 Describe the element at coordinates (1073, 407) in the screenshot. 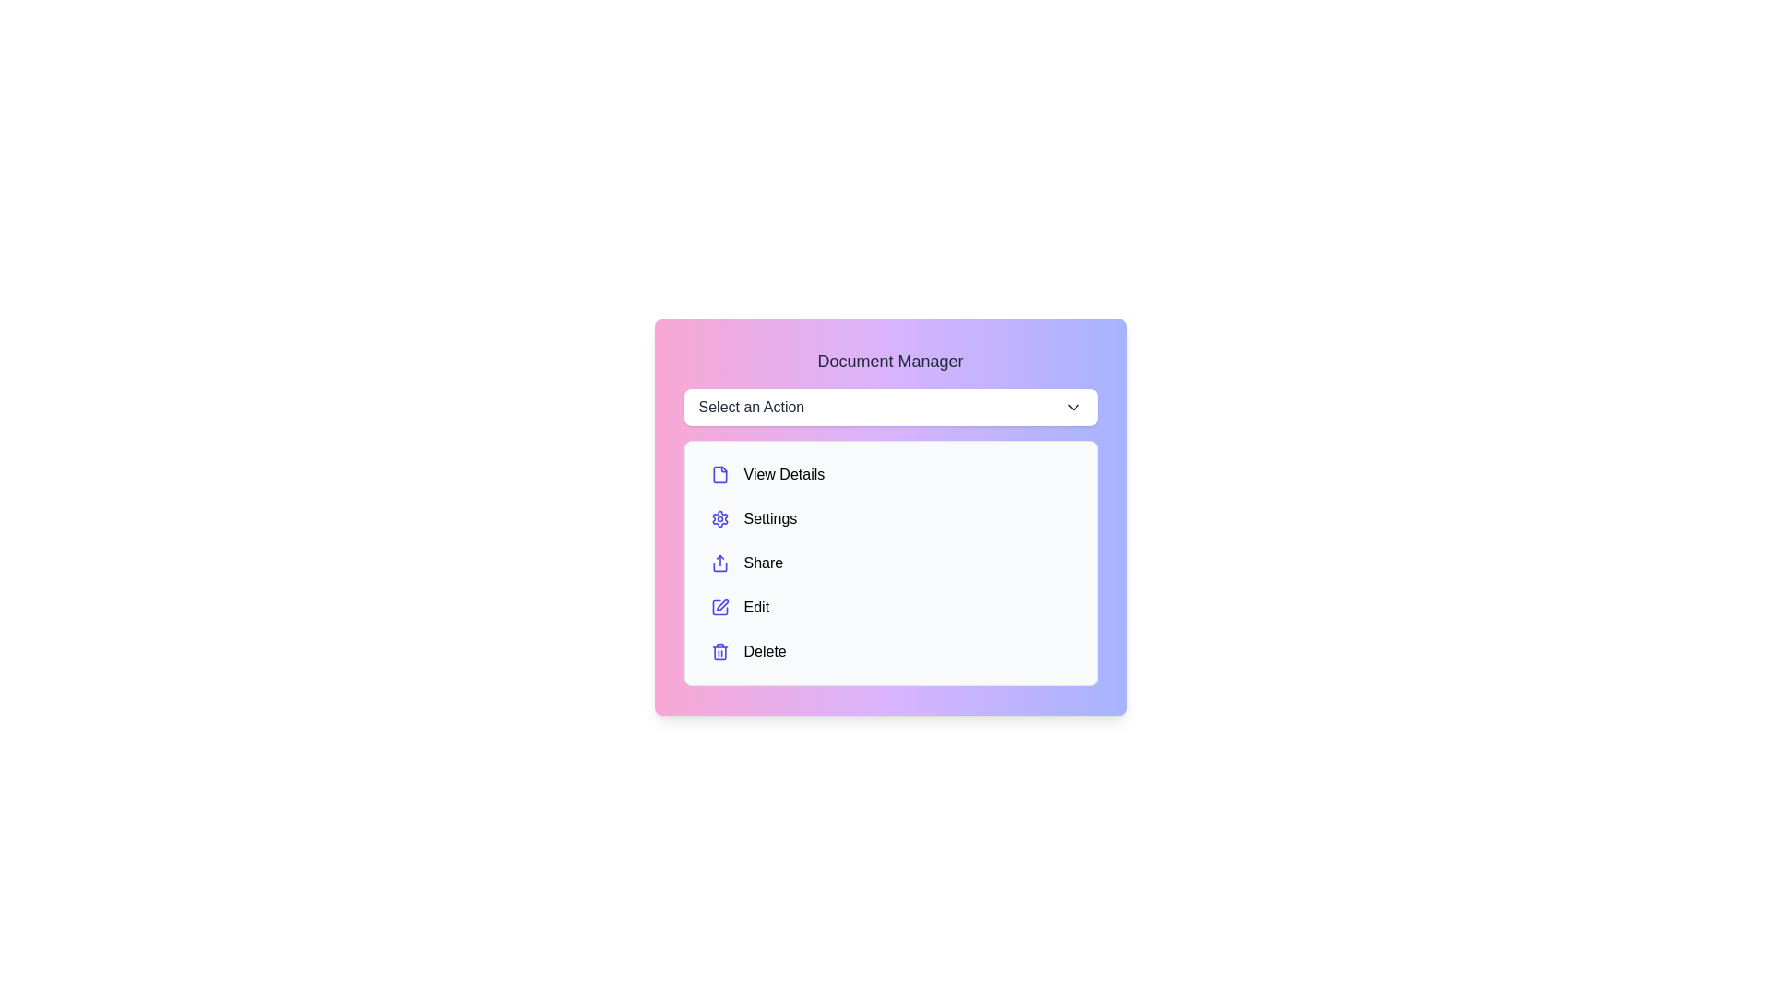

I see `the dropdown indicator icon located at the right end of the 'Select an Action' button` at that location.